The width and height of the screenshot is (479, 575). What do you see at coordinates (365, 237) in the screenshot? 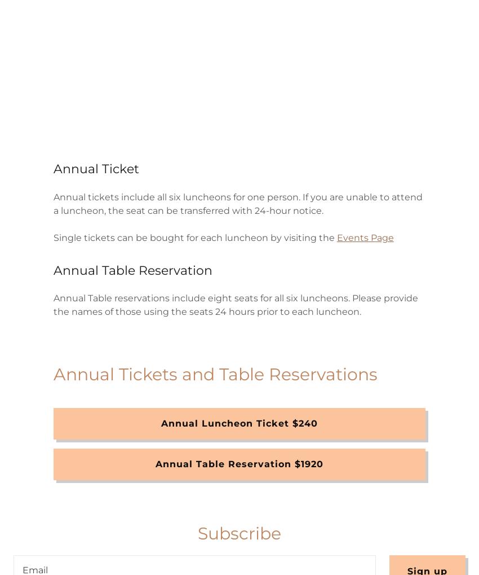
I see `'Events Page'` at bounding box center [365, 237].